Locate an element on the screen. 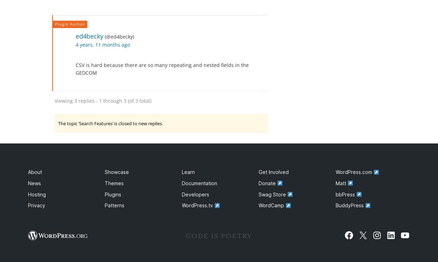 The height and width of the screenshot is (262, 438). 'About' is located at coordinates (35, 172).